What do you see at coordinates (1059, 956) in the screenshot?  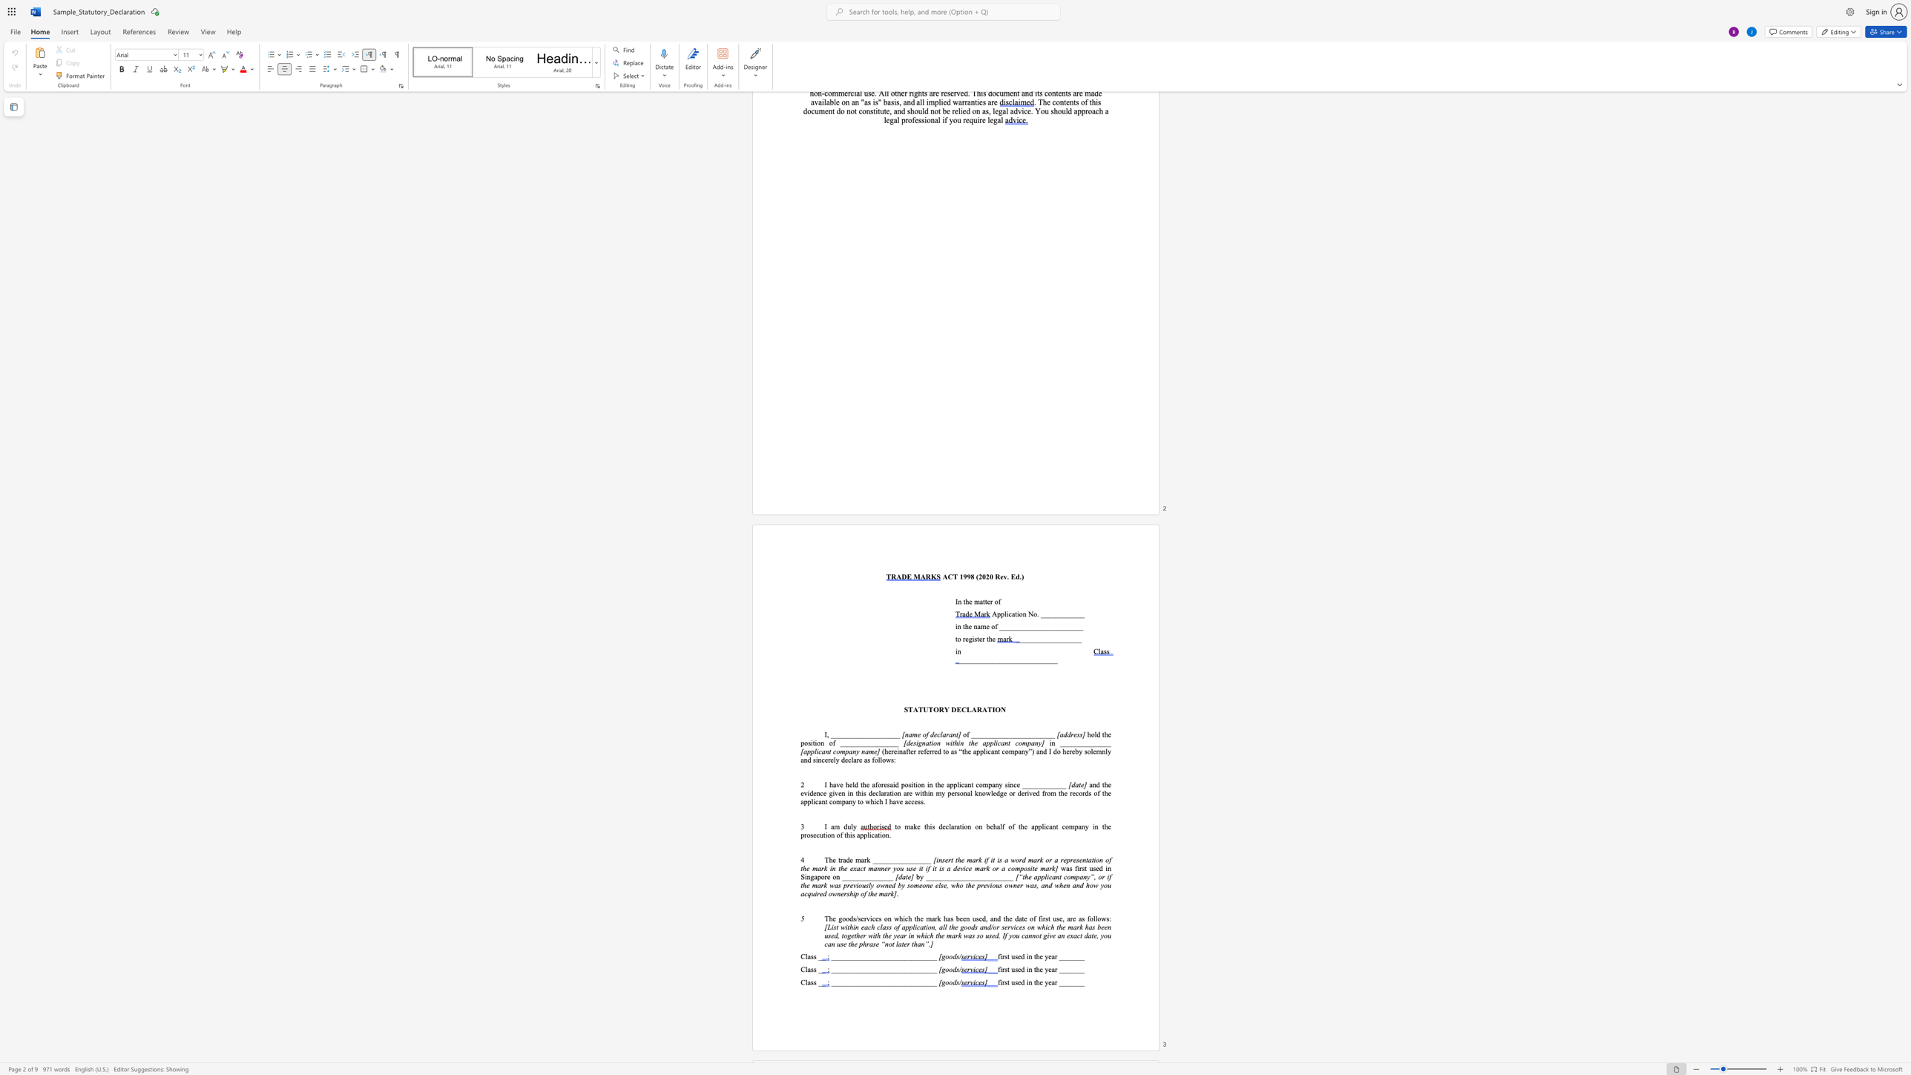 I see `the subset text "_______" within the text "first used in the year _______"` at bounding box center [1059, 956].